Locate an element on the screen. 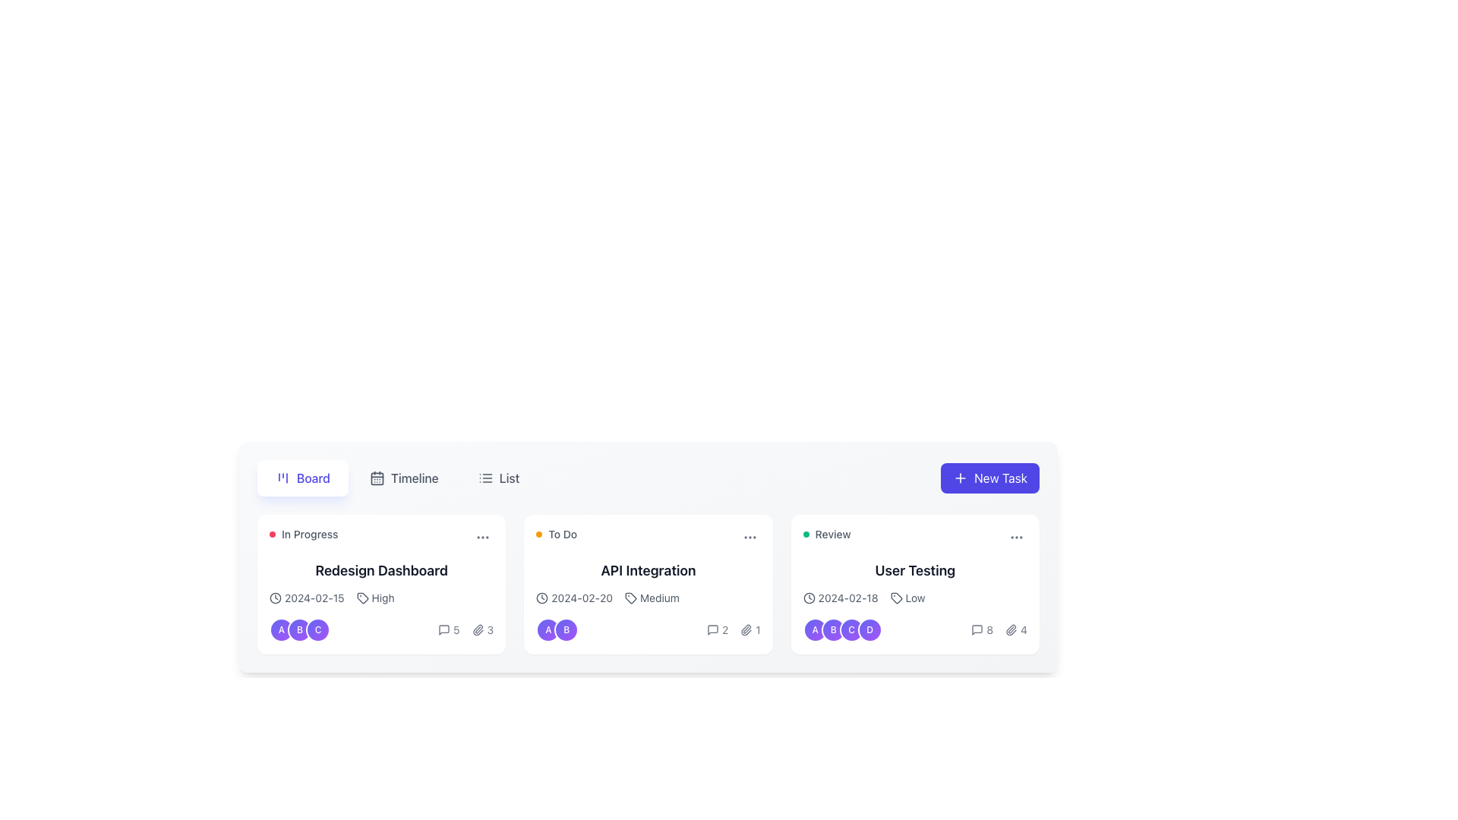 This screenshot has height=820, width=1458. the Ellipsis menu icon, which is a set of three horizontally aligned gray dots located at the top right corner of the 'User Testing' card in the 'Review' column is located at coordinates (1017, 537).